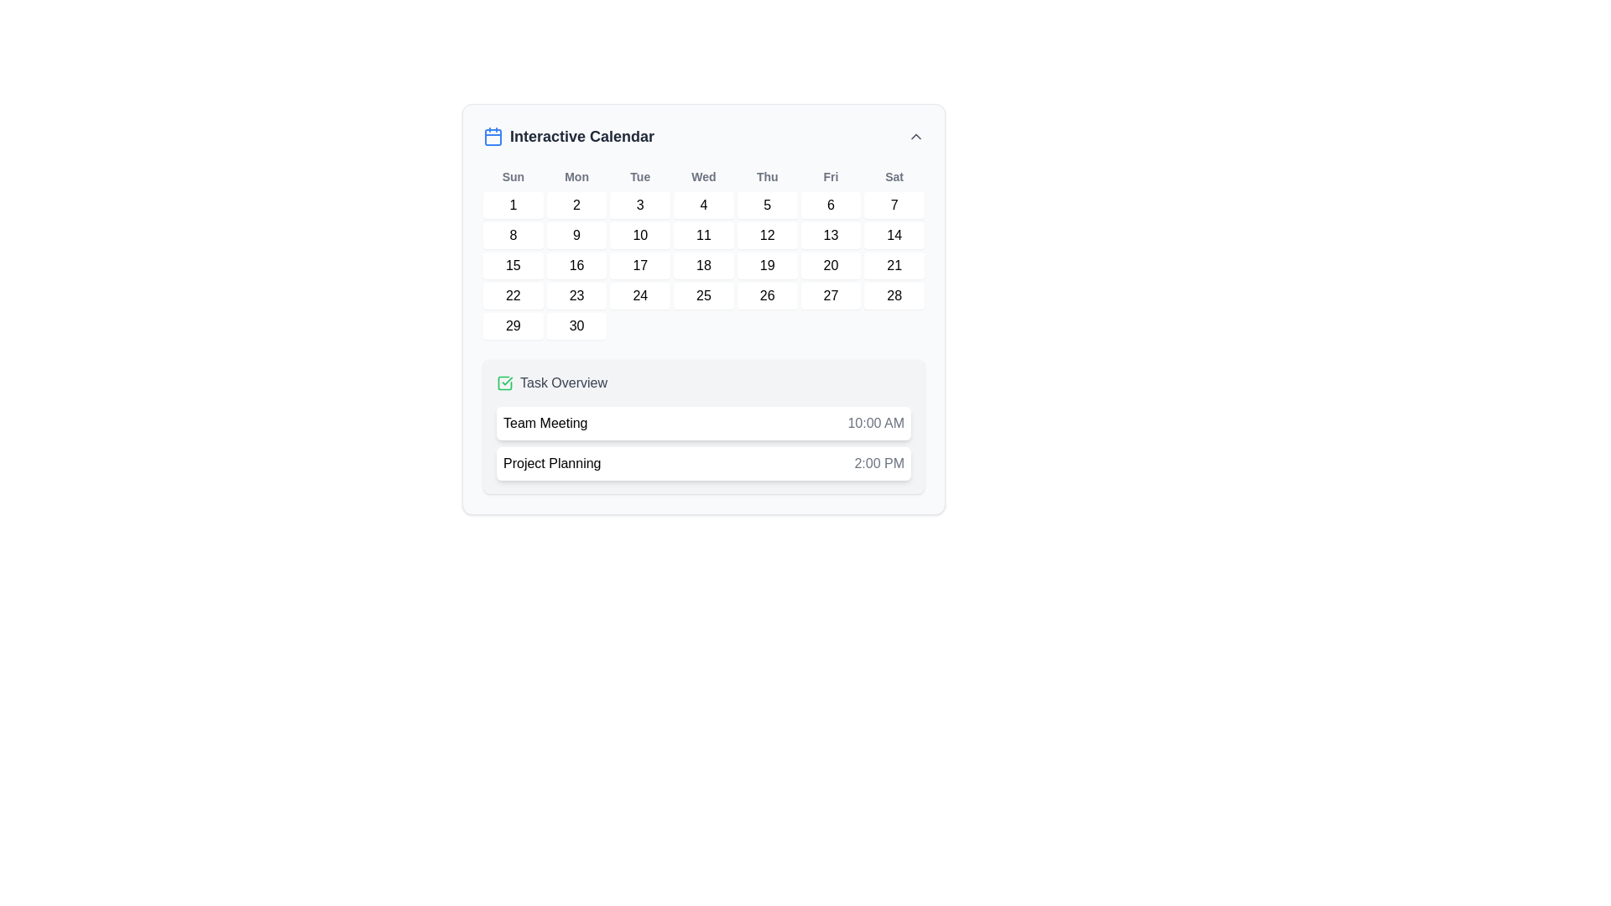 The height and width of the screenshot is (906, 1611). I want to click on the Text label that indicates 'Wednesday' in the calendar interface, which is the fourth item in the sequence of weekday labels, so click(704, 177).